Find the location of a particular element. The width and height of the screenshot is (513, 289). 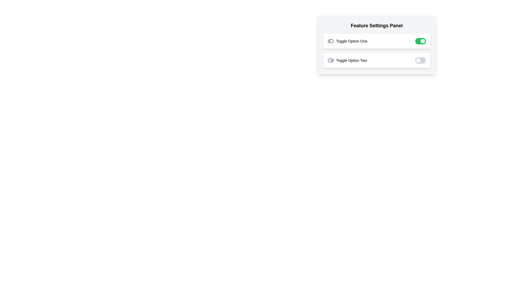

the toggle label displaying 'Toggle Option One' which includes a circular toggle icon and is the first option in the settings panel is located at coordinates (347, 41).